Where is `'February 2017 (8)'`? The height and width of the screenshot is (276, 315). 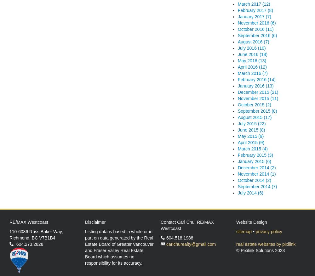
'February 2017 (8)' is located at coordinates (255, 10).